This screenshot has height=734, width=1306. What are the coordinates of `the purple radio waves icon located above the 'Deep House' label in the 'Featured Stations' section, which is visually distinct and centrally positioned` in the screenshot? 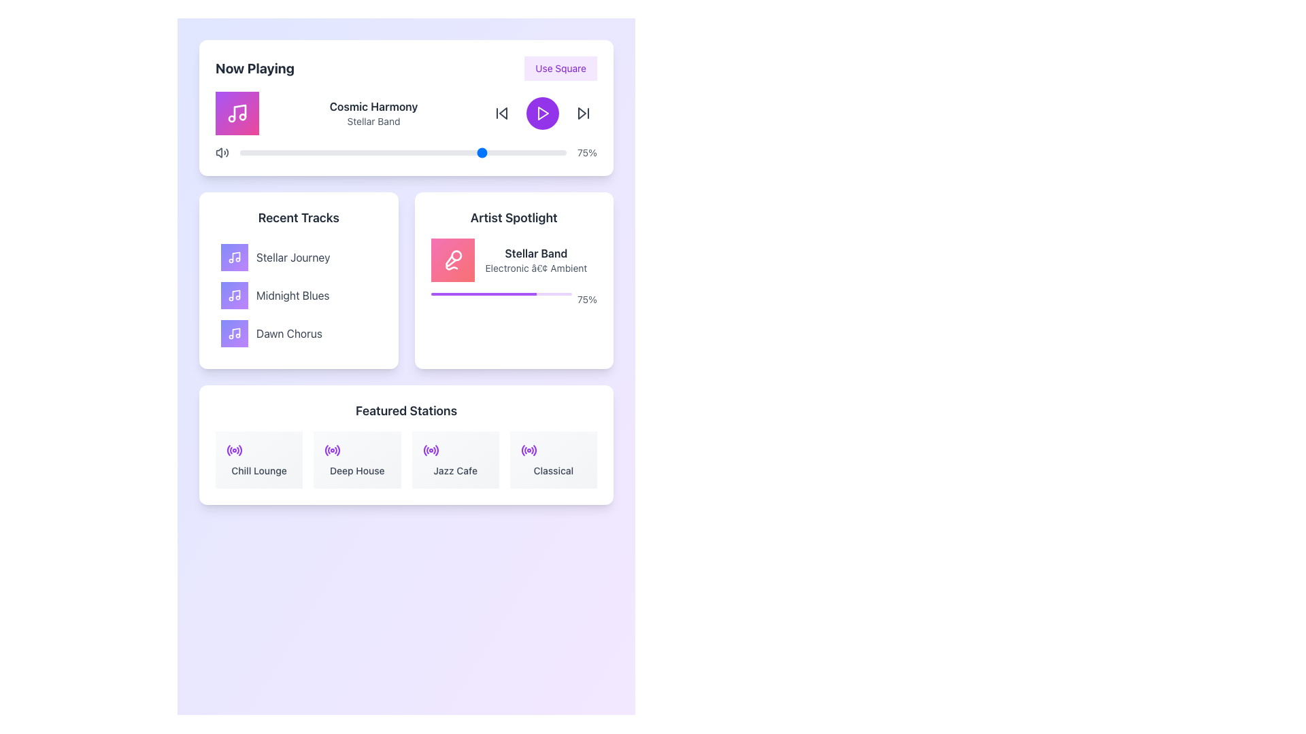 It's located at (333, 451).